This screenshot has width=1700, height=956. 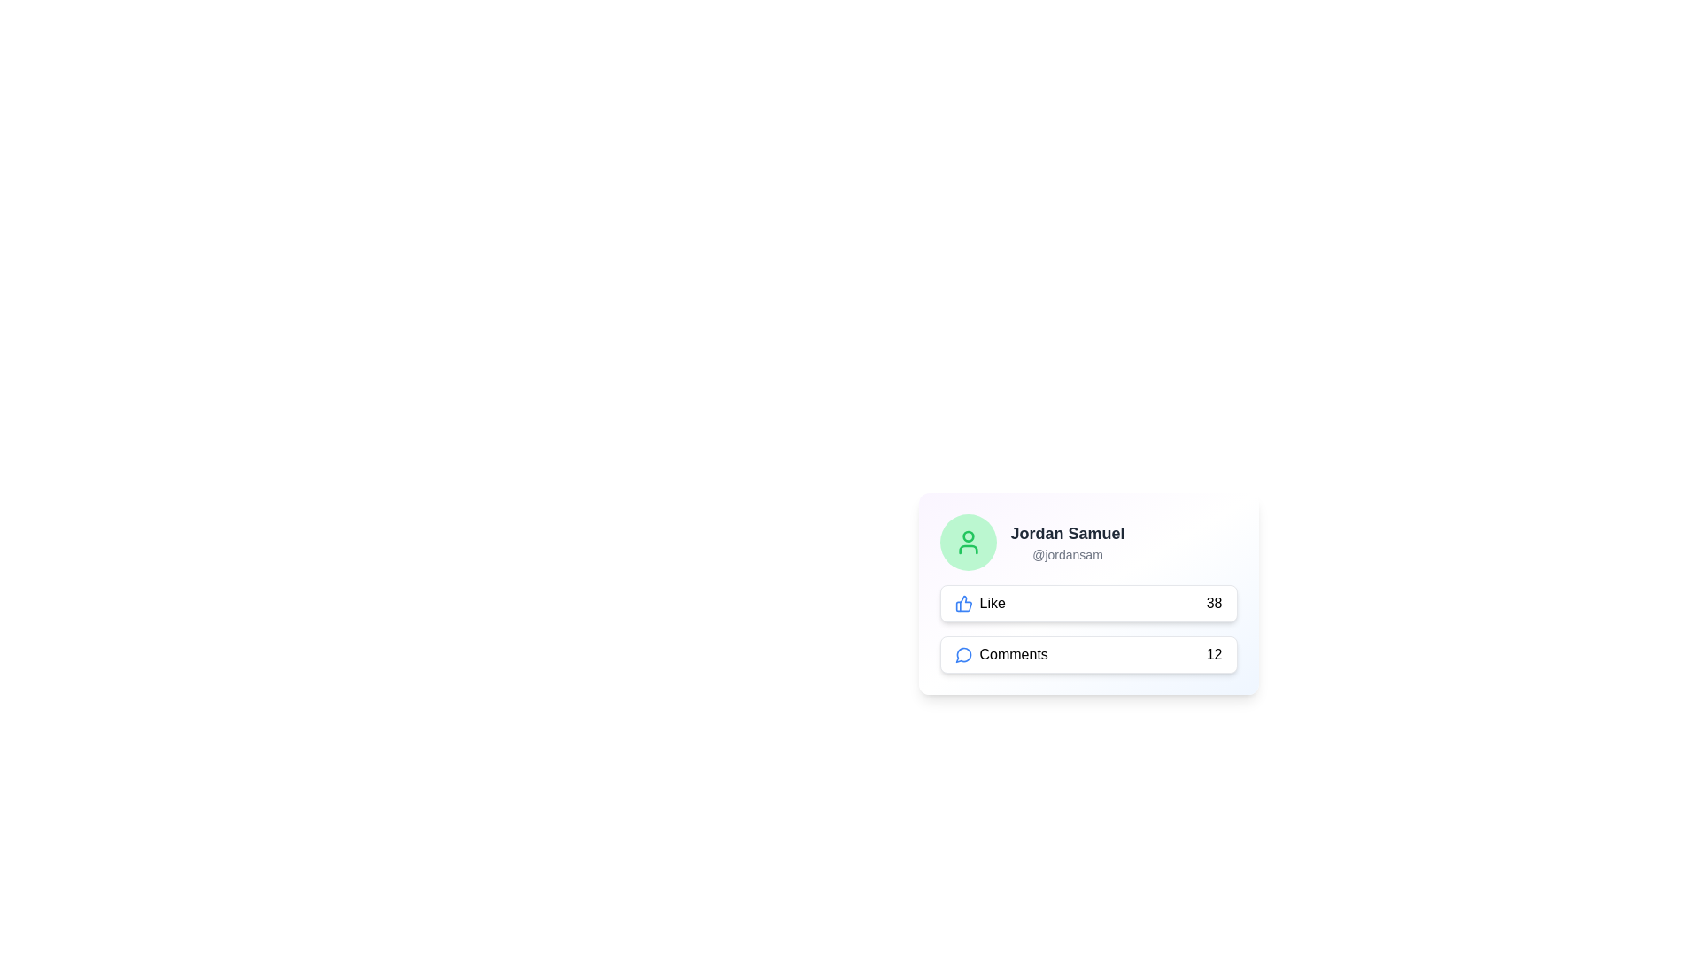 I want to click on the Circular Avatar located to the left of the text 'Jordan Samuel' in the user profile card, so click(x=967, y=542).